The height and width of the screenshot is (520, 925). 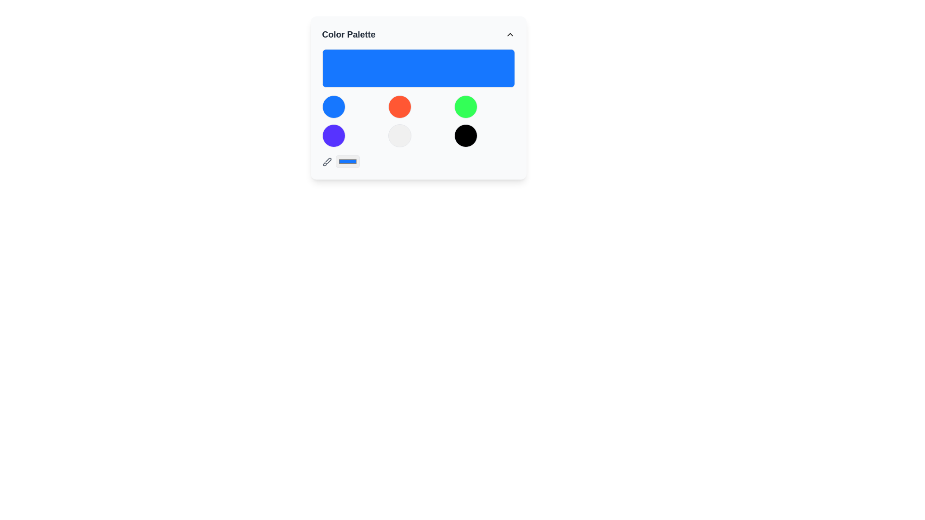 I want to click on the circular interactive button with a vibrant purple background in the Color Palette section by moving the cursor to its center, so click(x=333, y=135).